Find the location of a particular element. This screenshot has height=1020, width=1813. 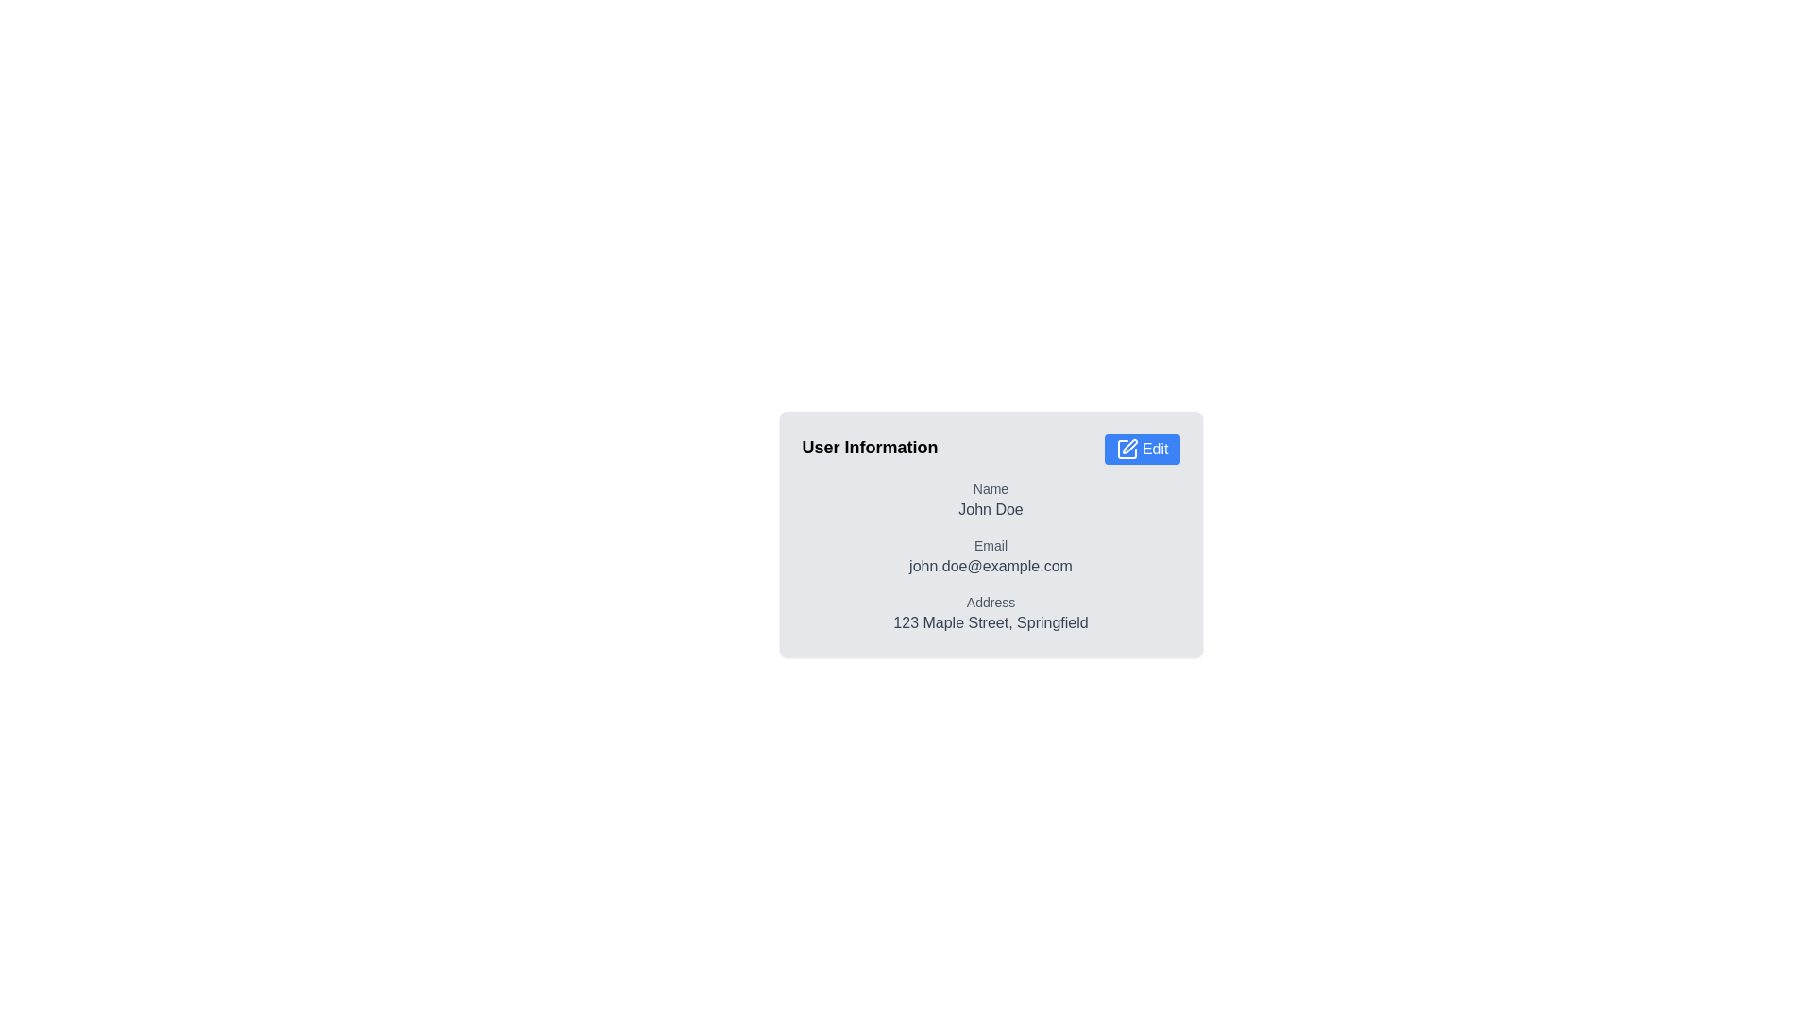

the interactive button located in the top-right corner of the 'User Information' card is located at coordinates (1141, 449).